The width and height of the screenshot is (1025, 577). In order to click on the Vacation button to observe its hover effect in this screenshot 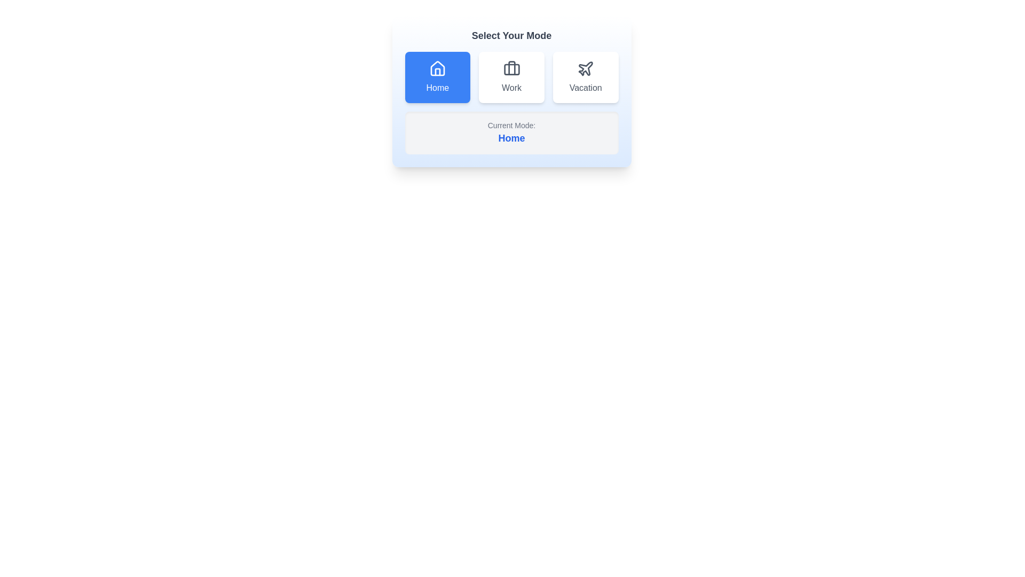, I will do `click(585, 77)`.